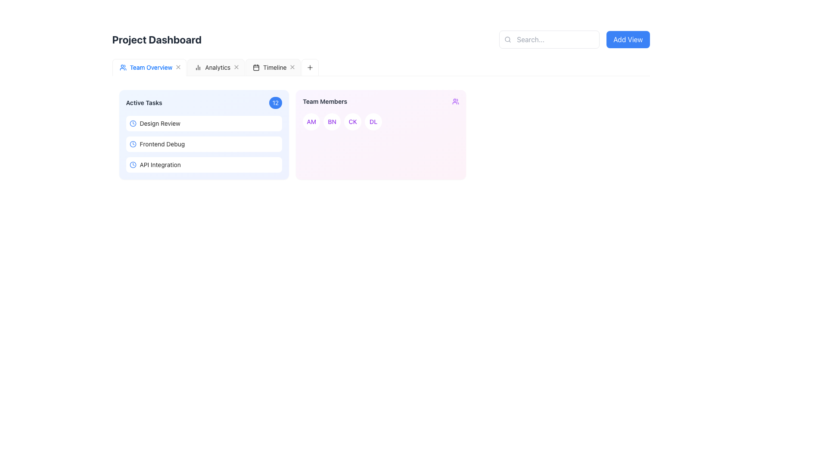 This screenshot has width=827, height=465. I want to click on the plus icon embedded within the 'Add tab' button, so click(310, 67).